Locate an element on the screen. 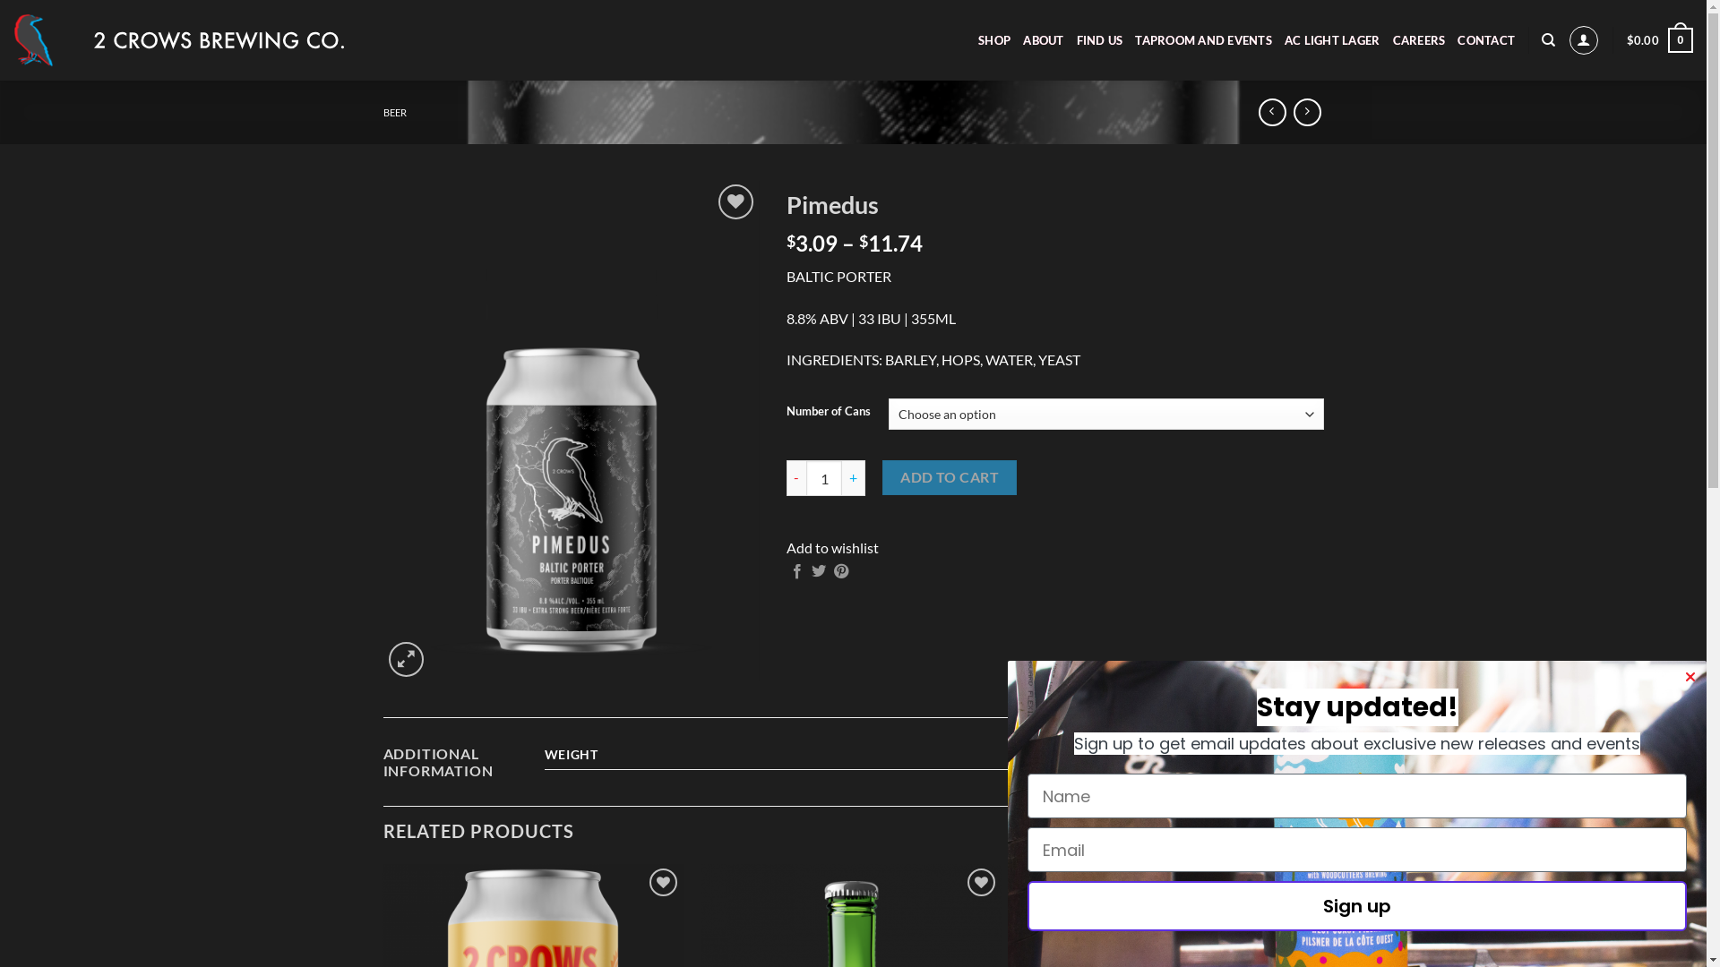 The image size is (1720, 967). 'AC LIGHT LAGER' is located at coordinates (1332, 40).